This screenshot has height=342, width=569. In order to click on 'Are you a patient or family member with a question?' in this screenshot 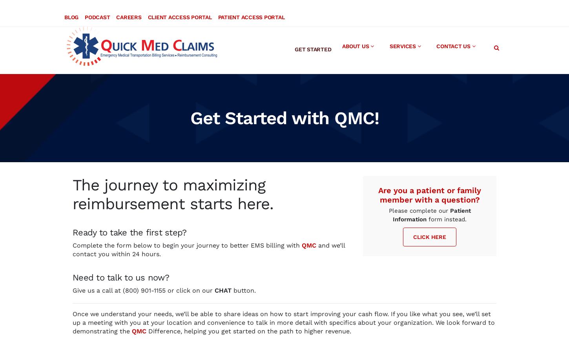, I will do `click(429, 188)`.